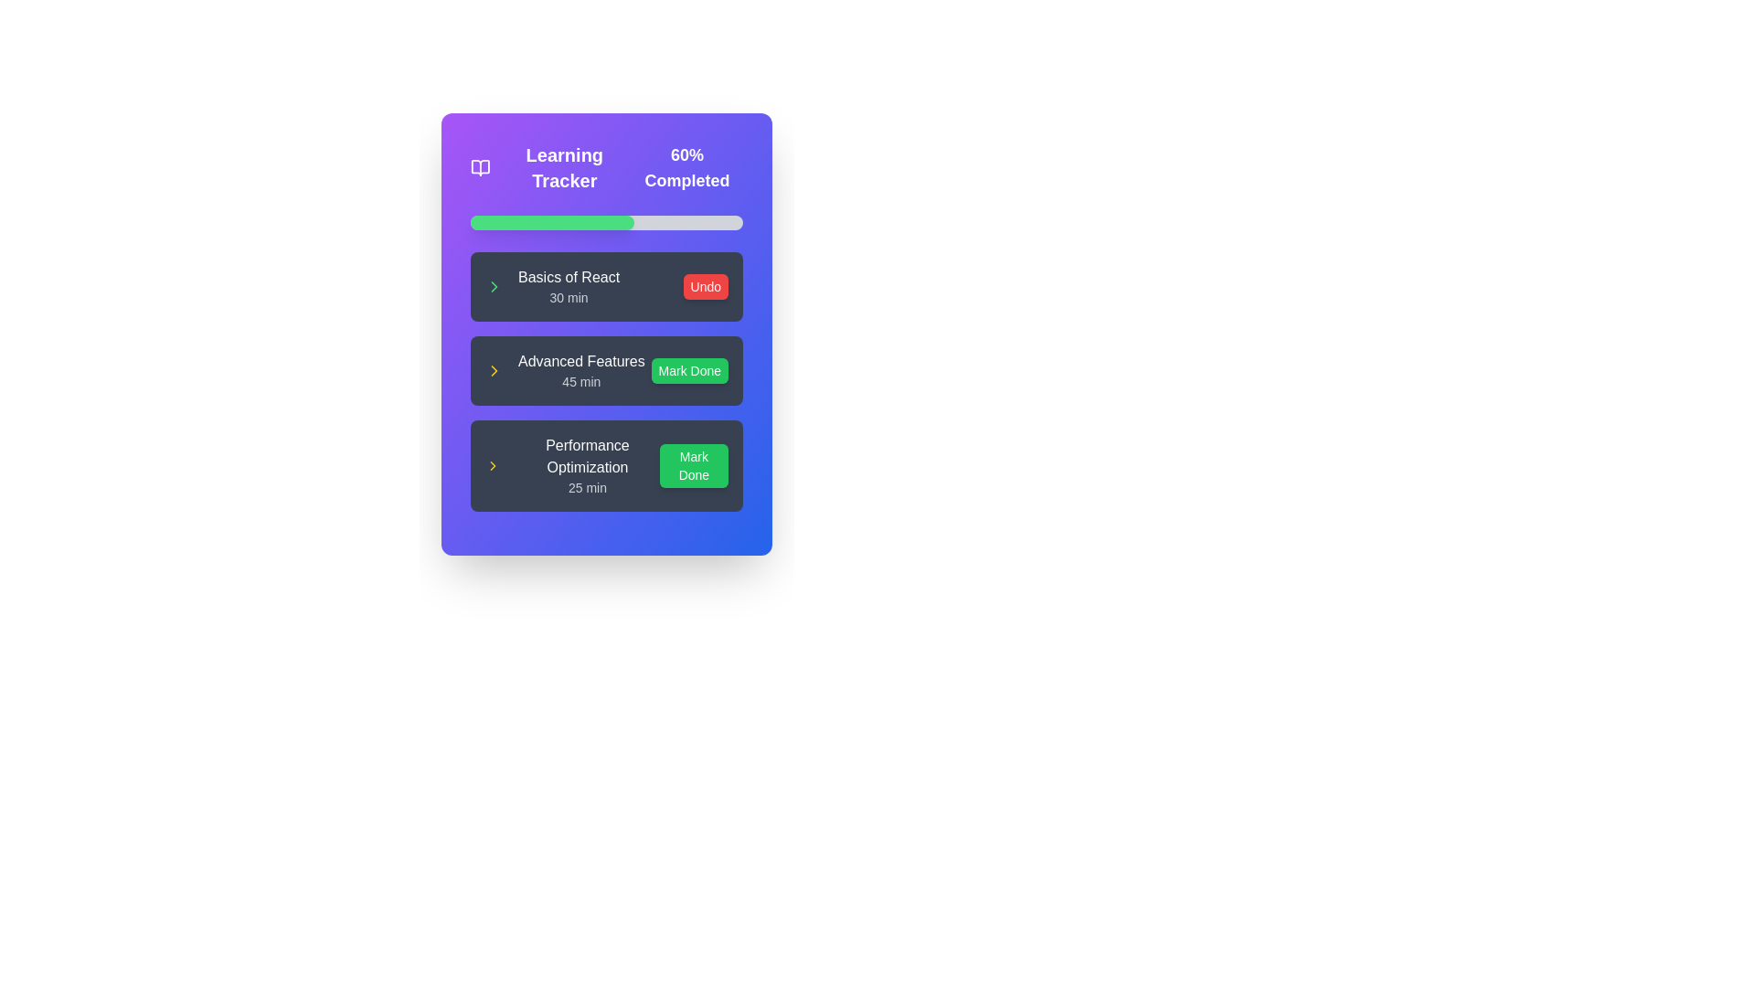 Image resolution: width=1755 pixels, height=987 pixels. What do you see at coordinates (495, 370) in the screenshot?
I see `the rightward-facing chevron arrow icon, which is a thin, minimalist yellow line style placed to the left of the 'Performance Optimization' list item in the learning tracker interface` at bounding box center [495, 370].